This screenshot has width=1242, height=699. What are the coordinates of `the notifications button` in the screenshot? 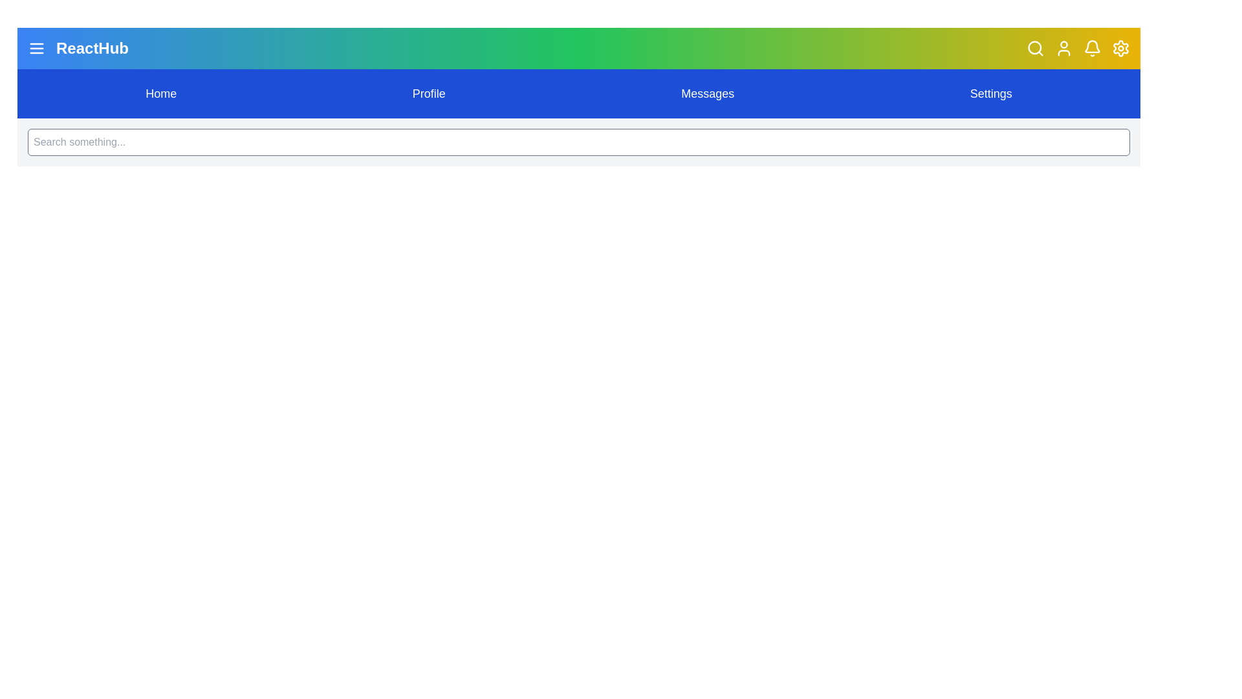 It's located at (1092, 47).